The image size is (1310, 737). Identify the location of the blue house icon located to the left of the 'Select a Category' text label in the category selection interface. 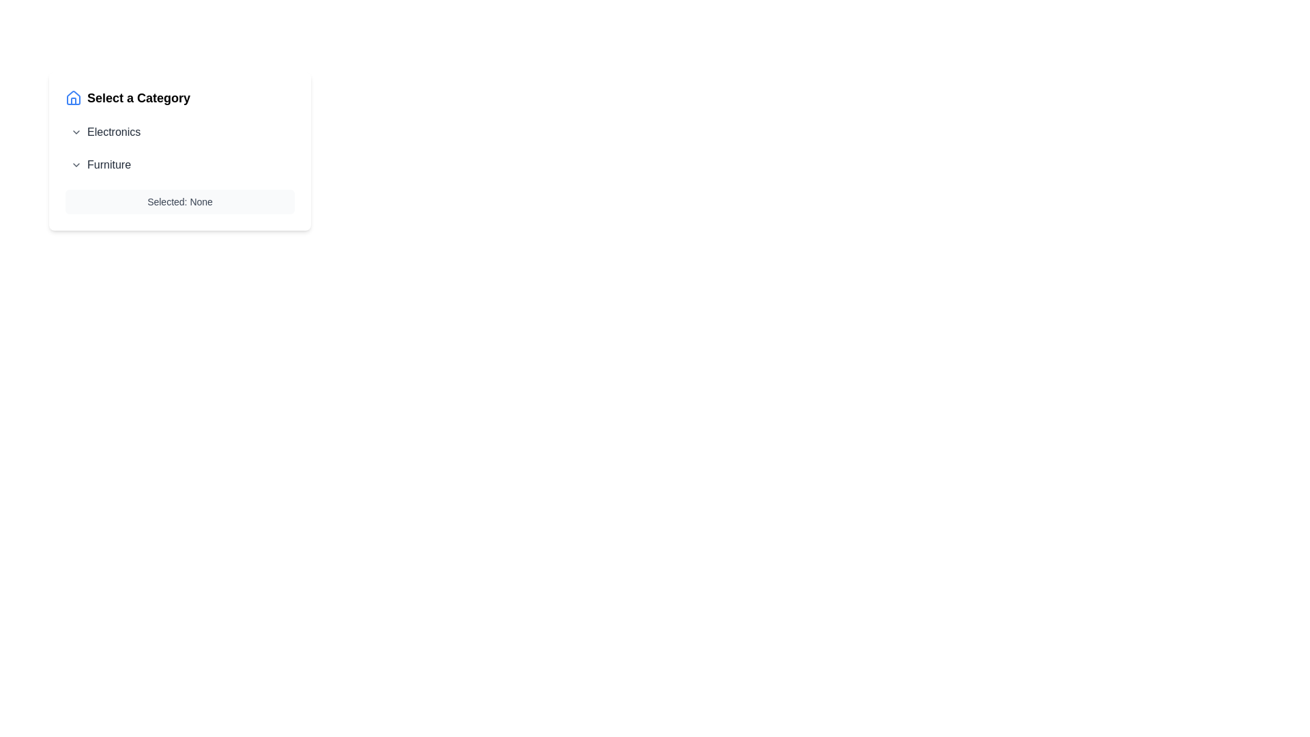
(73, 96).